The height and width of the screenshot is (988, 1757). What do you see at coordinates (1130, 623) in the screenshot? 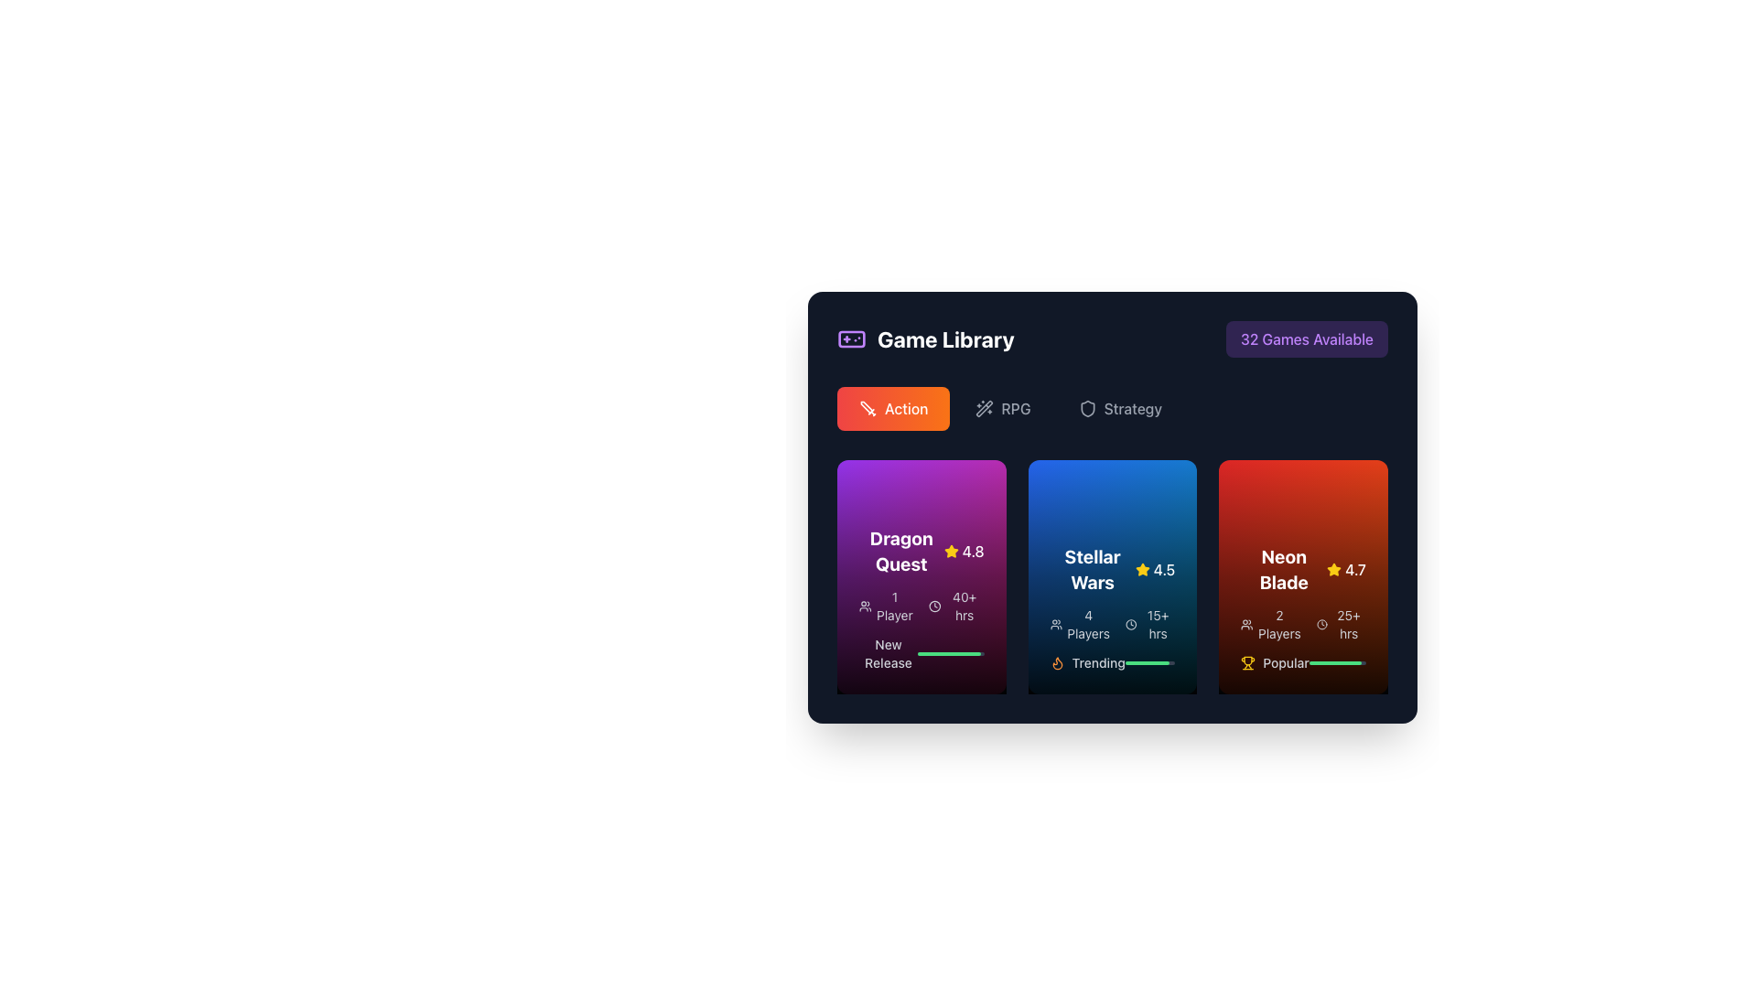
I see `the clock icon located to the left of the text '15+ hrs' in the lower-left corner of the 'Stellar Wars' game card` at bounding box center [1130, 623].